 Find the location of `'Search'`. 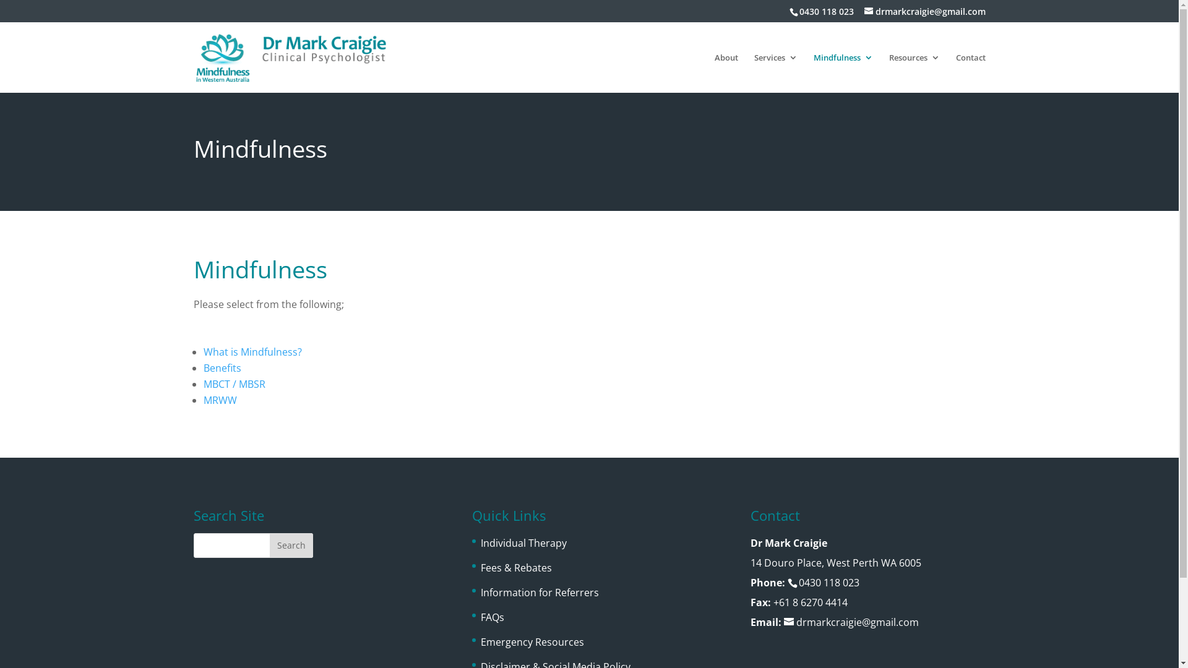

'Search' is located at coordinates (290, 545).